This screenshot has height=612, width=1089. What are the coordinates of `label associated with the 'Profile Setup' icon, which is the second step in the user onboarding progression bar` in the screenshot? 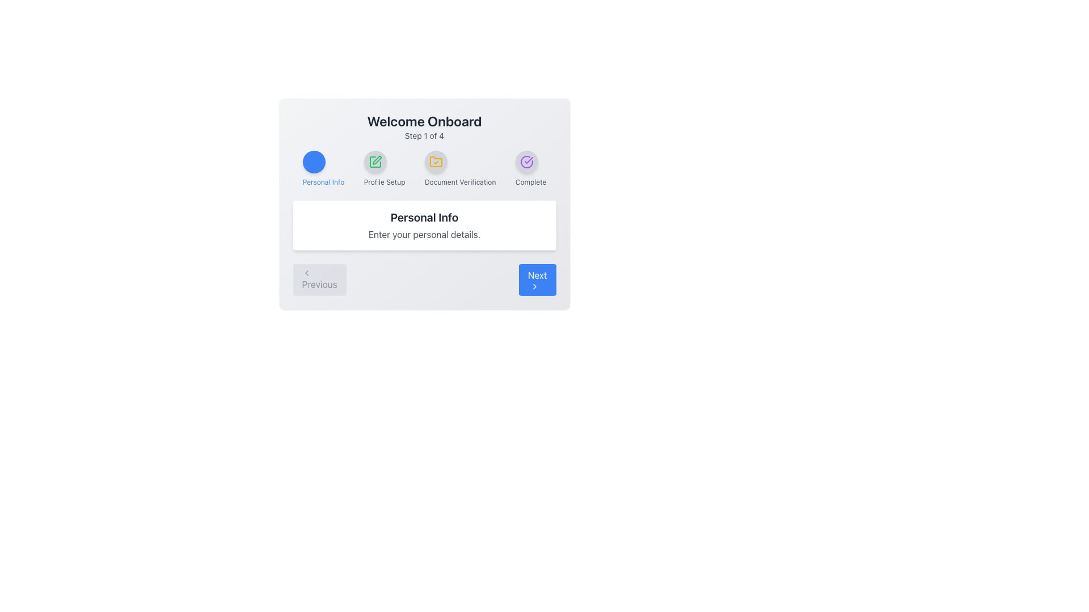 It's located at (375, 161).